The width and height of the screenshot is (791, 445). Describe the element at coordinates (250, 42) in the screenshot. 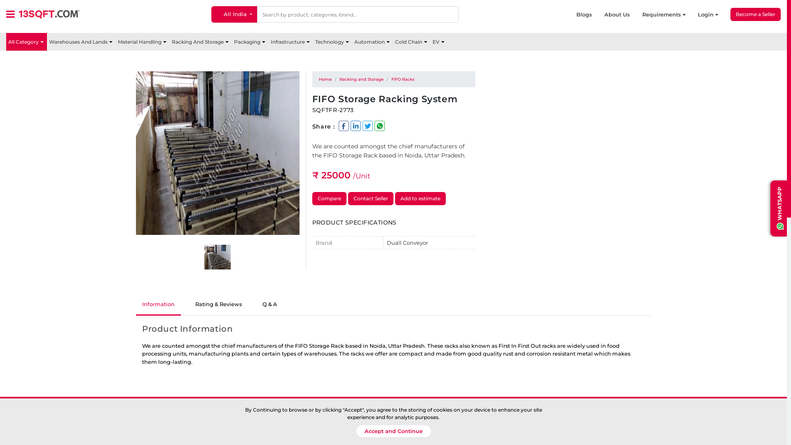

I see `'Packaging'` at that location.